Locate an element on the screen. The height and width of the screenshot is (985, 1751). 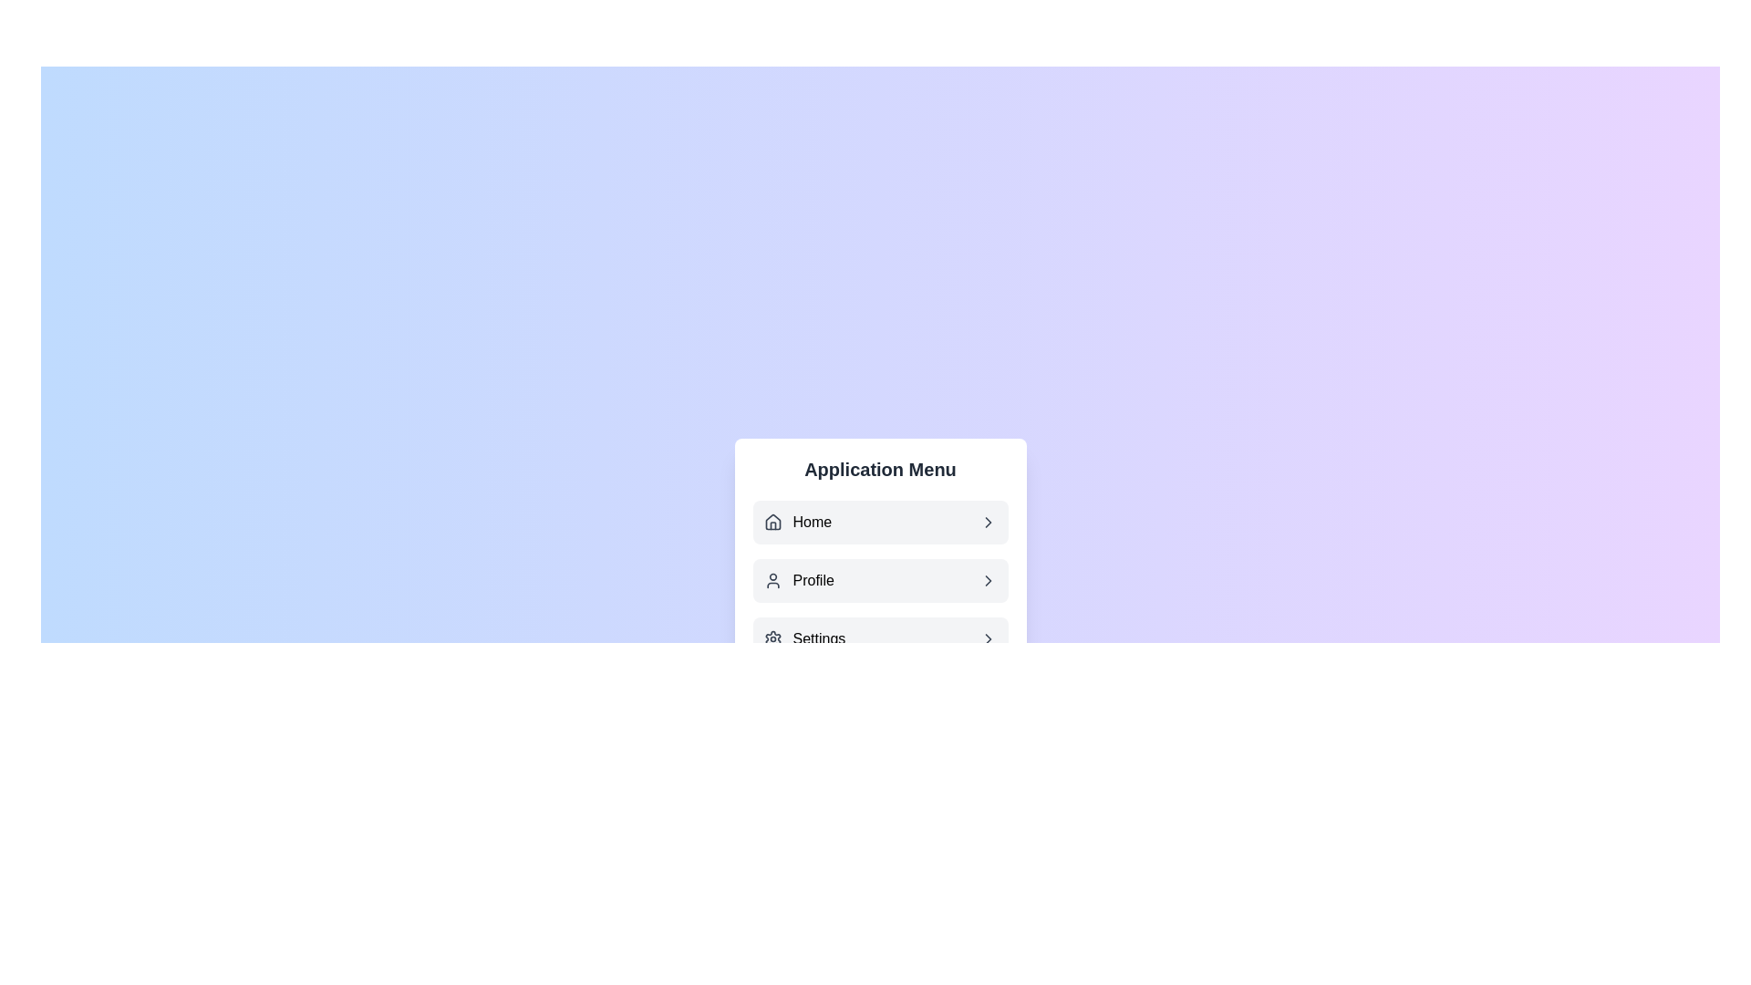
the user profile icon, which is a circular head with a semi-circular body outline, located next to the 'Profile' text label in the menu is located at coordinates (772, 580).